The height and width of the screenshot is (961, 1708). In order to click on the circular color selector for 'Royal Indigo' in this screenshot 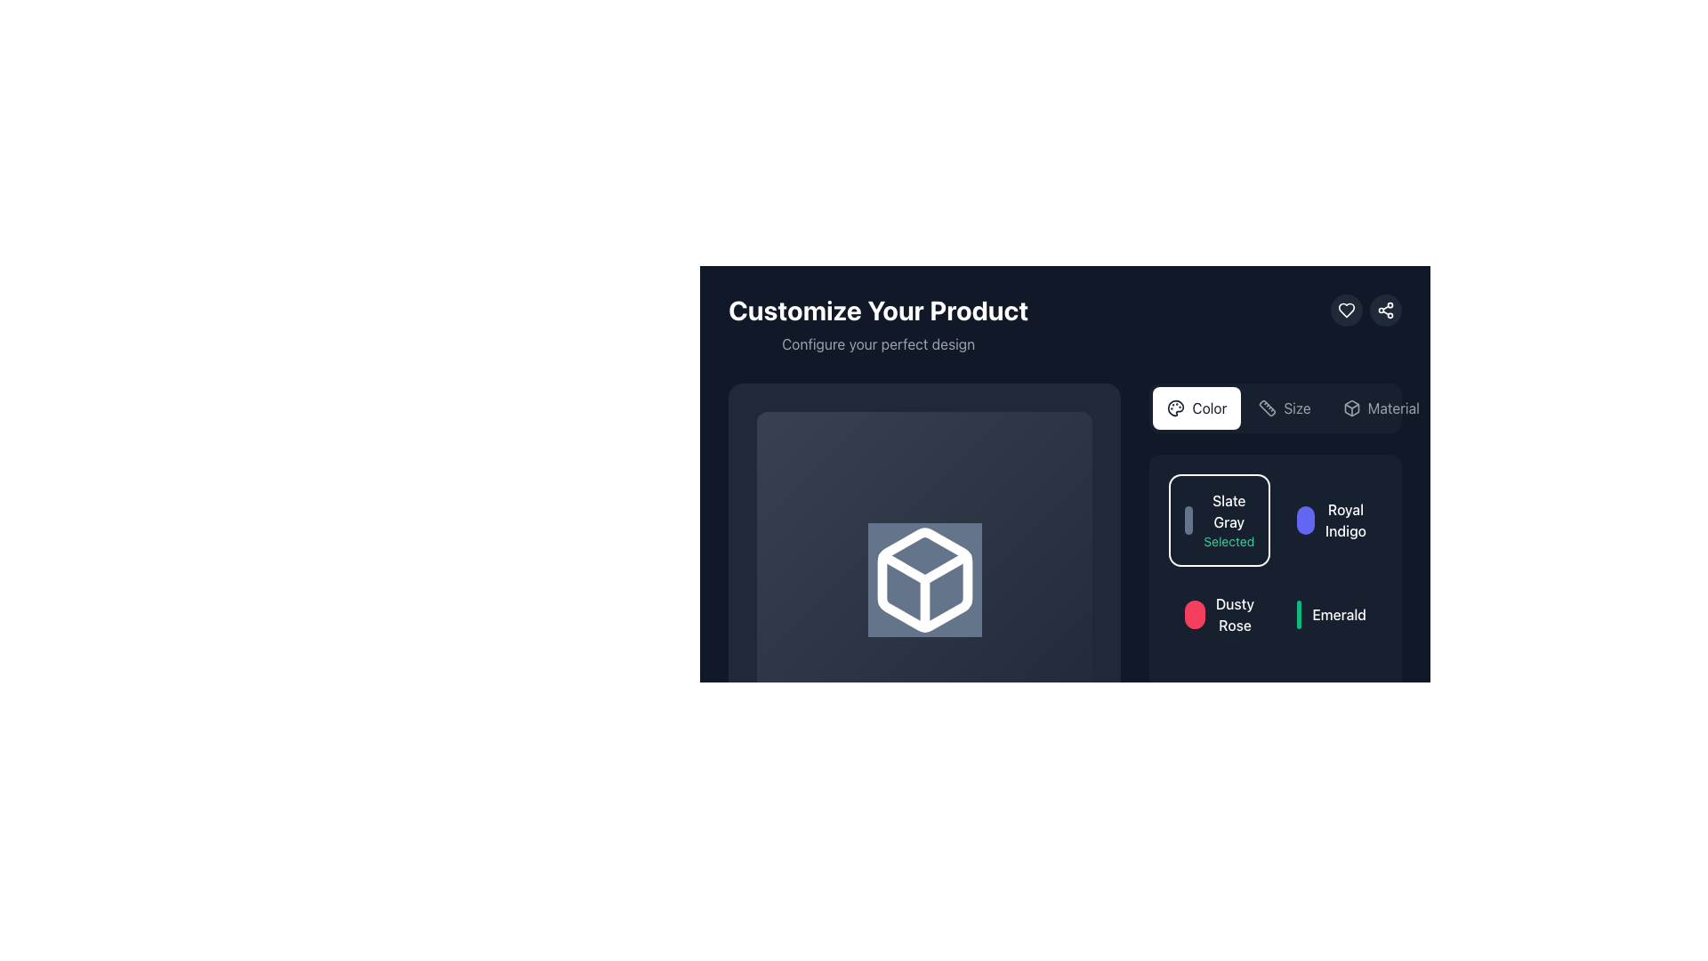, I will do `click(1306, 521)`.